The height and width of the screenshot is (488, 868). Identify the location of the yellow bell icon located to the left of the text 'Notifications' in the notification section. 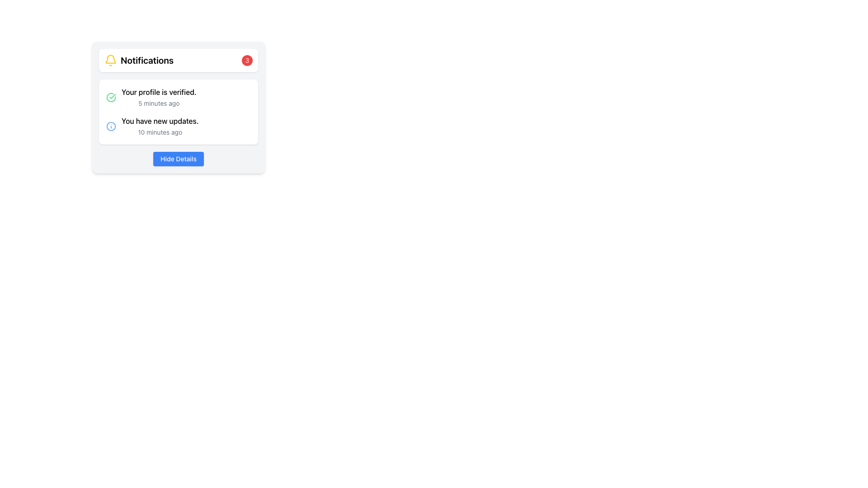
(110, 61).